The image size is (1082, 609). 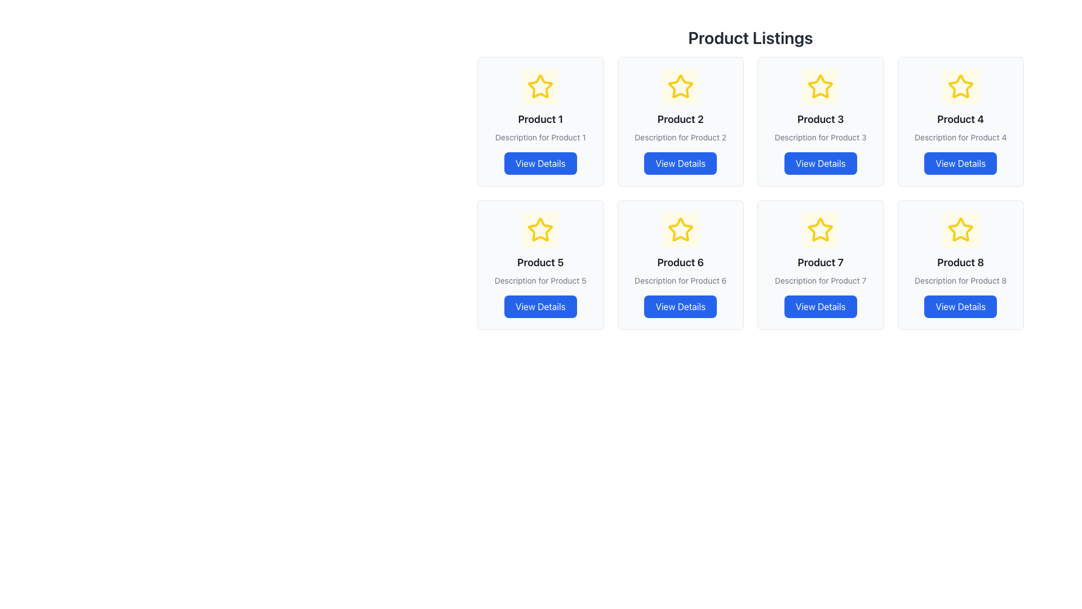 What do you see at coordinates (960, 136) in the screenshot?
I see `the text label displaying 'Description for Product 4' which is a gray, centered, small font text, located in the middle of a card layout for product information` at bounding box center [960, 136].